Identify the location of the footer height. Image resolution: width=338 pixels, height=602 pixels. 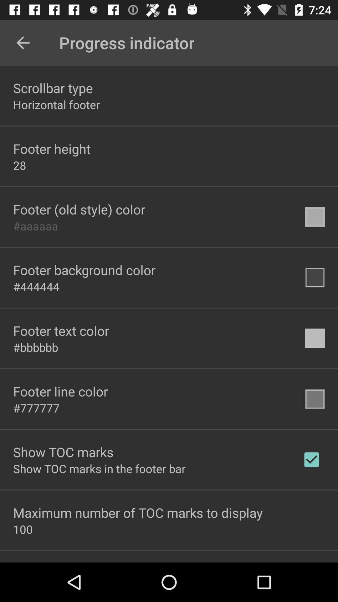
(51, 148).